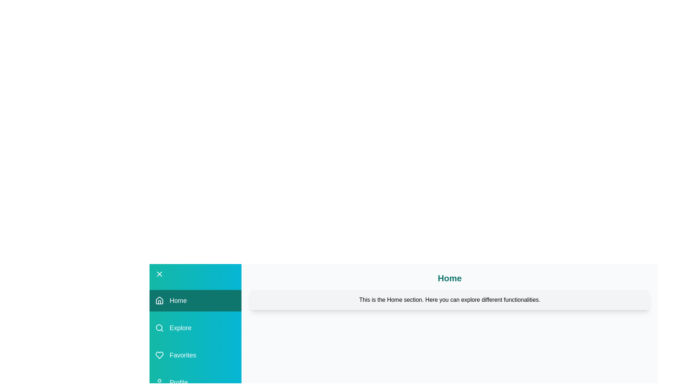  Describe the element at coordinates (195, 301) in the screenshot. I see `the Home section in the menu` at that location.